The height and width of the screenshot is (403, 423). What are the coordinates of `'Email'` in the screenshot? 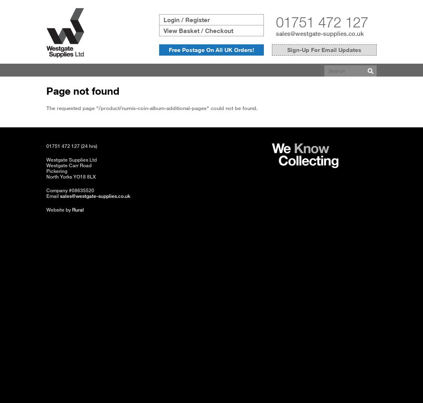 It's located at (52, 195).